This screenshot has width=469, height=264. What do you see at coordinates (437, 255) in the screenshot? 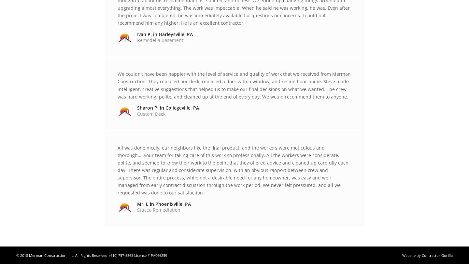
I see `'Contractor Gorilla'` at bounding box center [437, 255].